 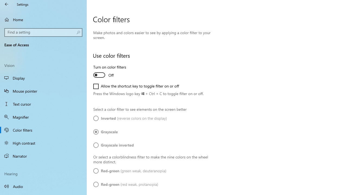 I want to click on 'Display', so click(x=43, y=78).